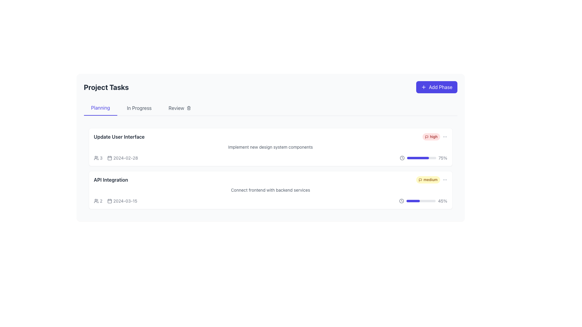  I want to click on the Icon representing a menu or options that provides additional options related to the 'medium' label in the second task row, so click(445, 180).